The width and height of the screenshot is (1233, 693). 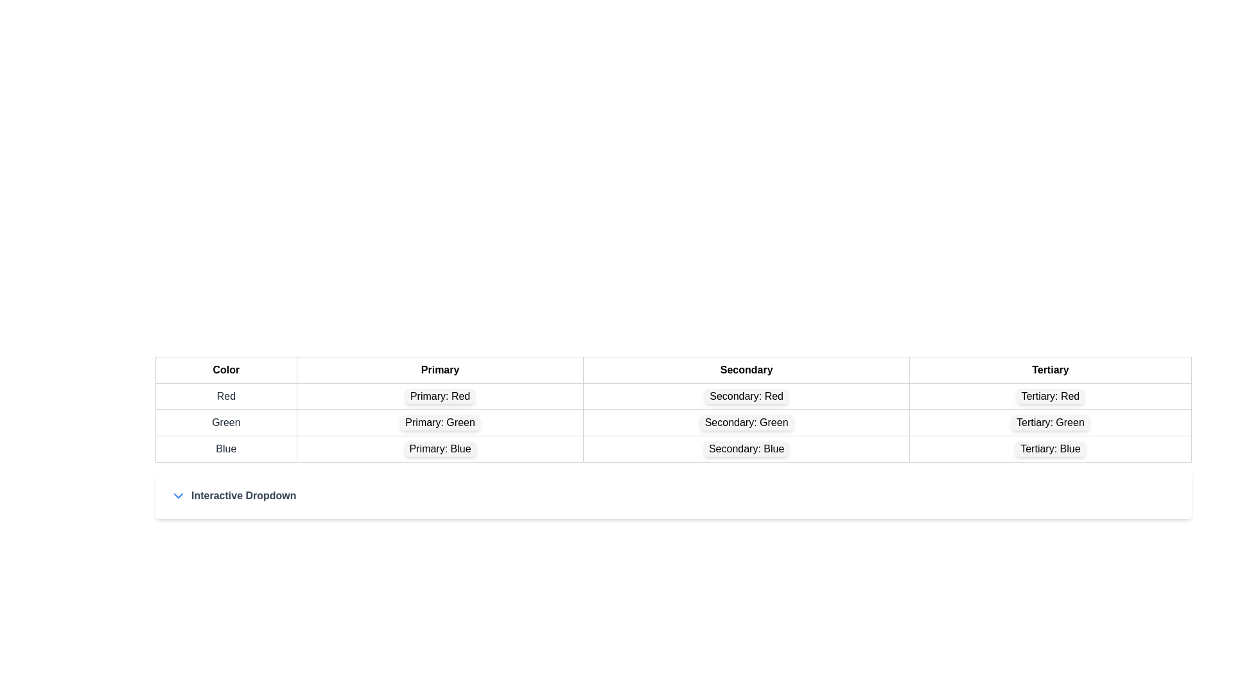 I want to click on the header cell for the 'Primary' column, so click(x=440, y=370).